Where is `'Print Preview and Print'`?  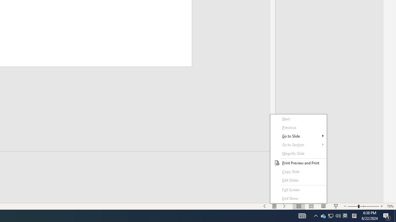 'Print Preview and Print' is located at coordinates (299, 162).